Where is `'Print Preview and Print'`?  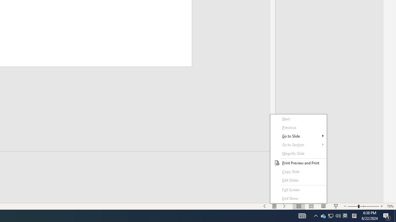 'Print Preview and Print' is located at coordinates (299, 162).